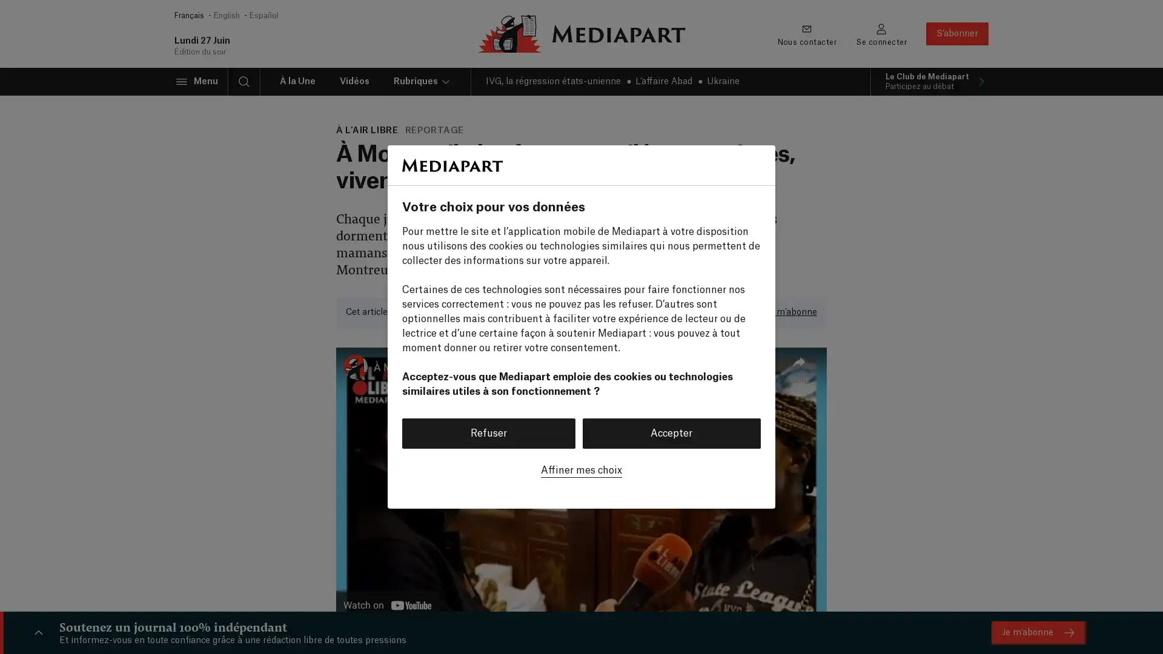  What do you see at coordinates (38, 632) in the screenshot?
I see `Soutenez un journal 100% independant` at bounding box center [38, 632].